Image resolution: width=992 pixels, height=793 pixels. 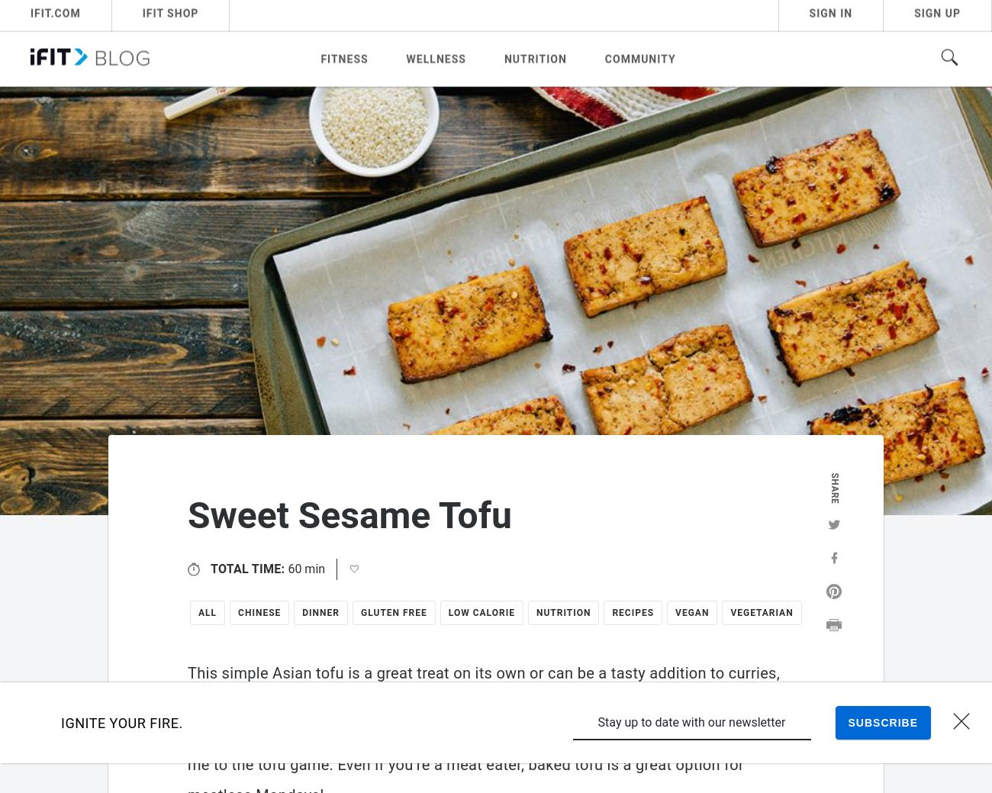 I want to click on 'Ignite your fire.', so click(x=60, y=722).